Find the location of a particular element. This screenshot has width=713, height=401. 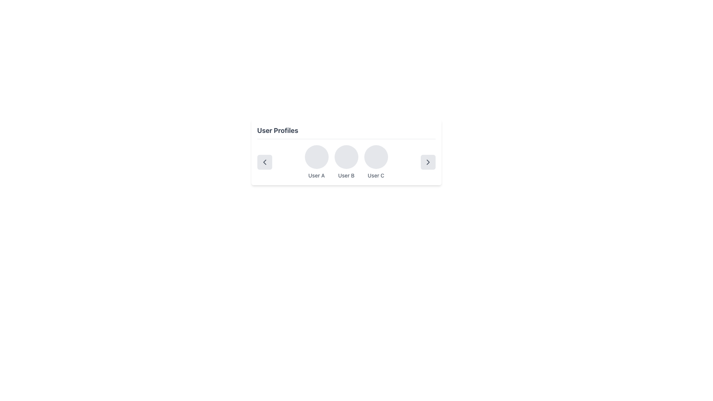

the rounded rectangle button with a light gray background and a right-pointing chevron is located at coordinates (428, 162).